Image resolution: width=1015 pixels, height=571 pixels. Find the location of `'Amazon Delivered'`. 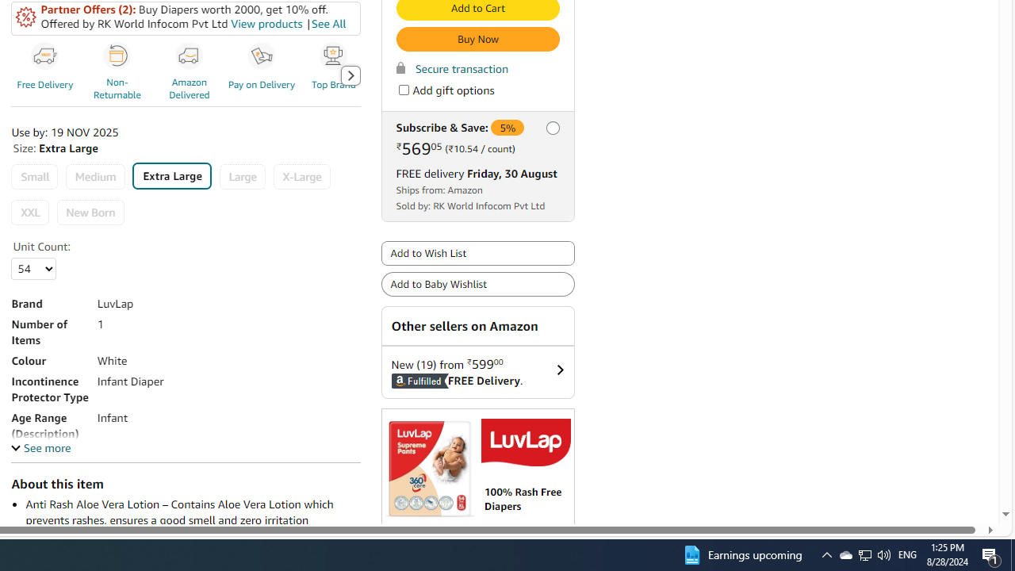

'Amazon Delivered' is located at coordinates (190, 56).